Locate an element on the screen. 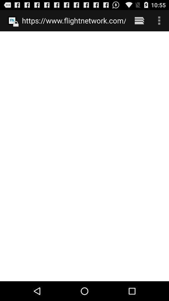 Image resolution: width=169 pixels, height=301 pixels. the https www flightnetwork icon is located at coordinates (74, 20).